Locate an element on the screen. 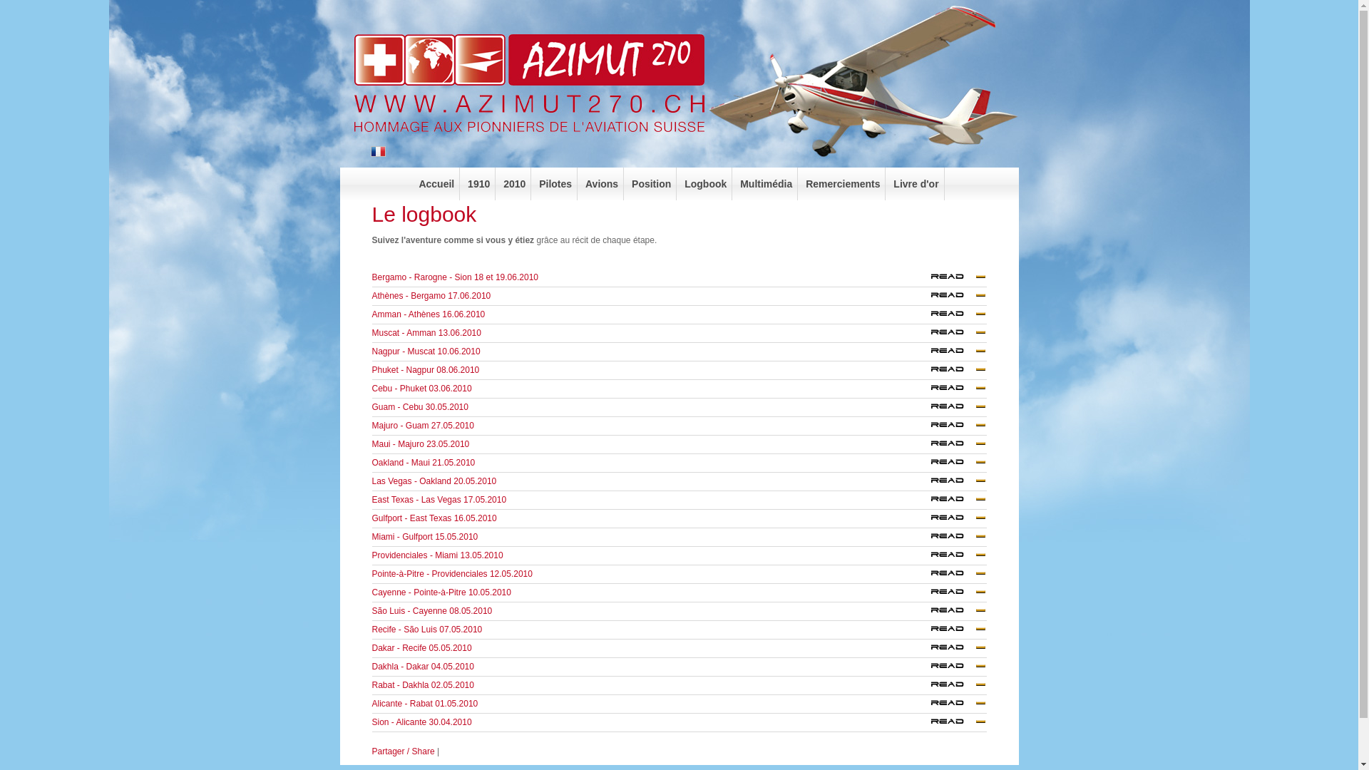  'Accueil' is located at coordinates (436, 183).